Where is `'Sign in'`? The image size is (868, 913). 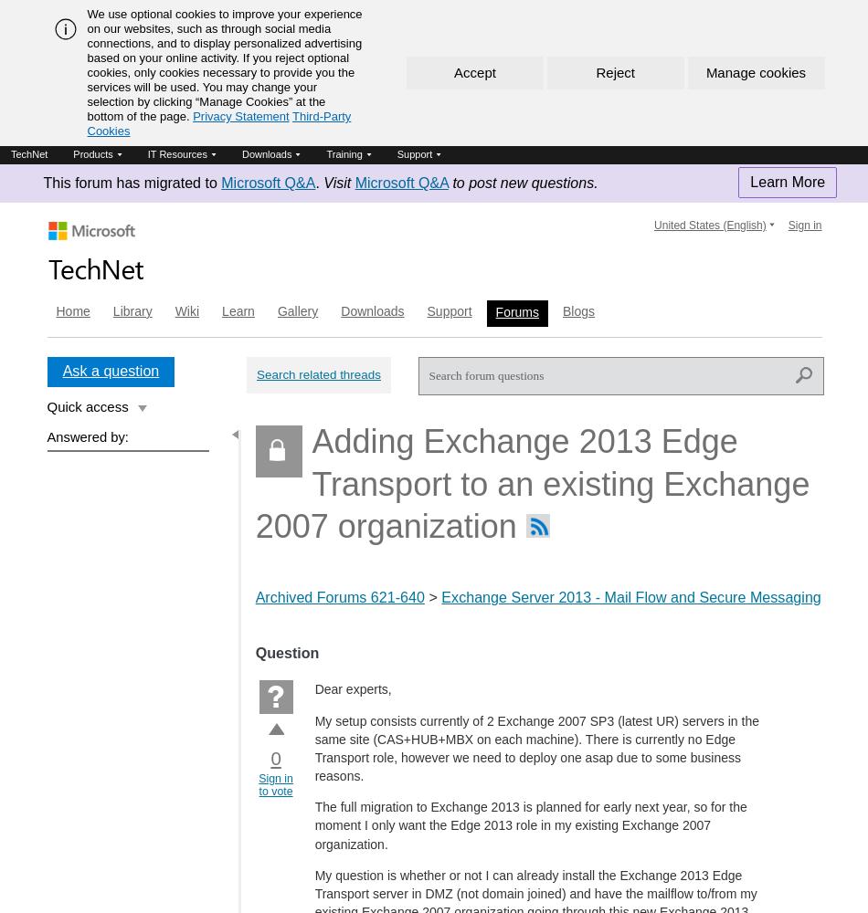 'Sign in' is located at coordinates (803, 225).